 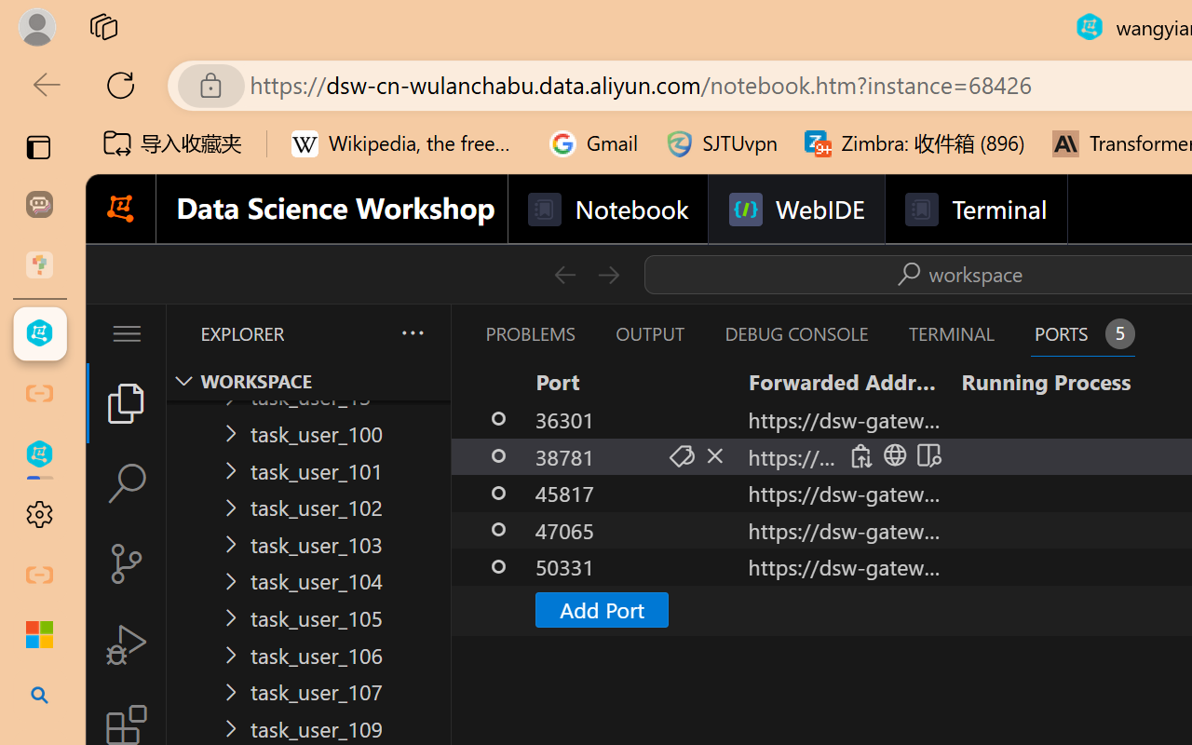 I want to click on 'Terminal', so click(x=974, y=210).